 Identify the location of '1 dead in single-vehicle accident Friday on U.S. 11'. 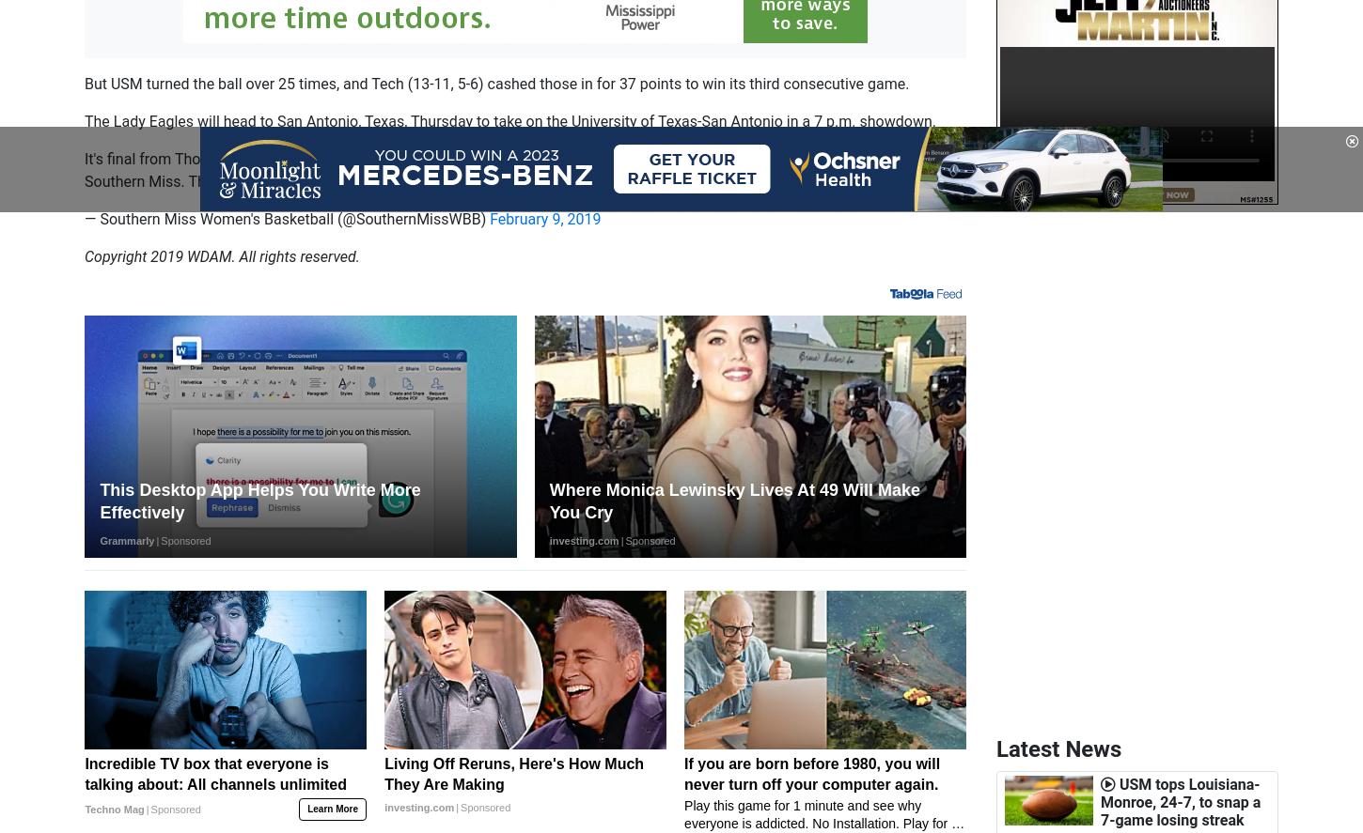
(1081, 137).